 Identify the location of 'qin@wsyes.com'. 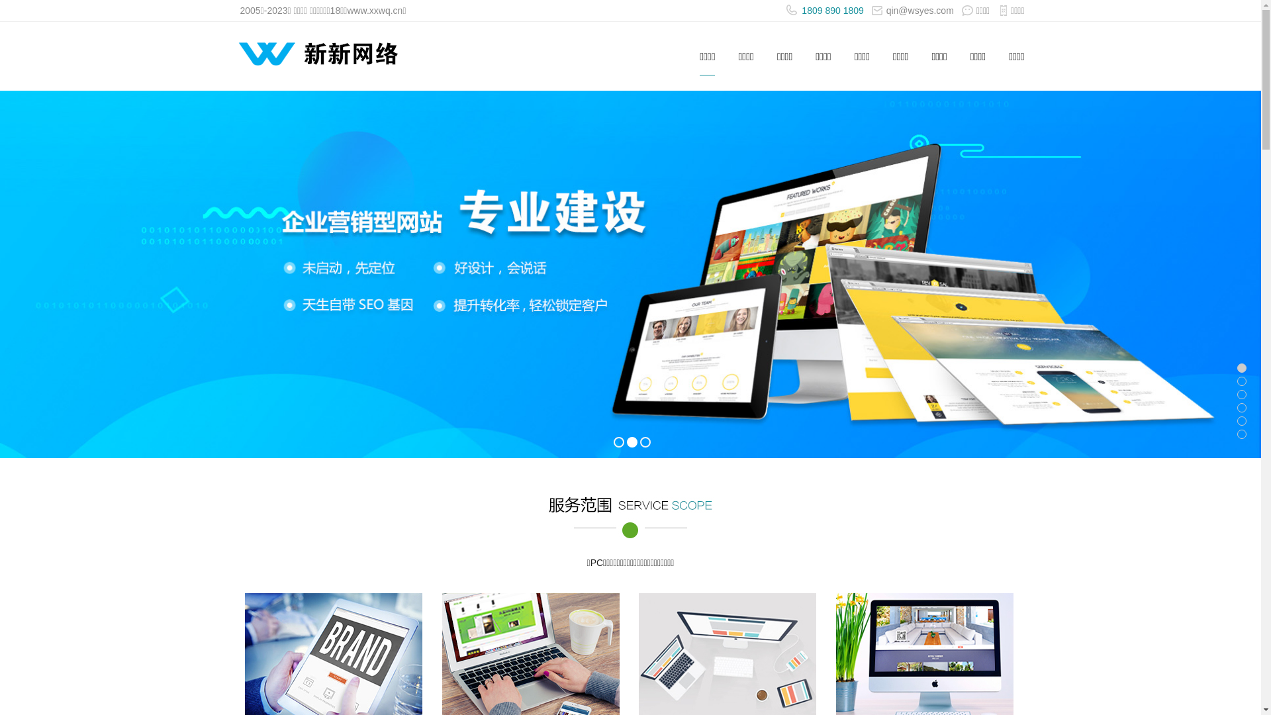
(912, 10).